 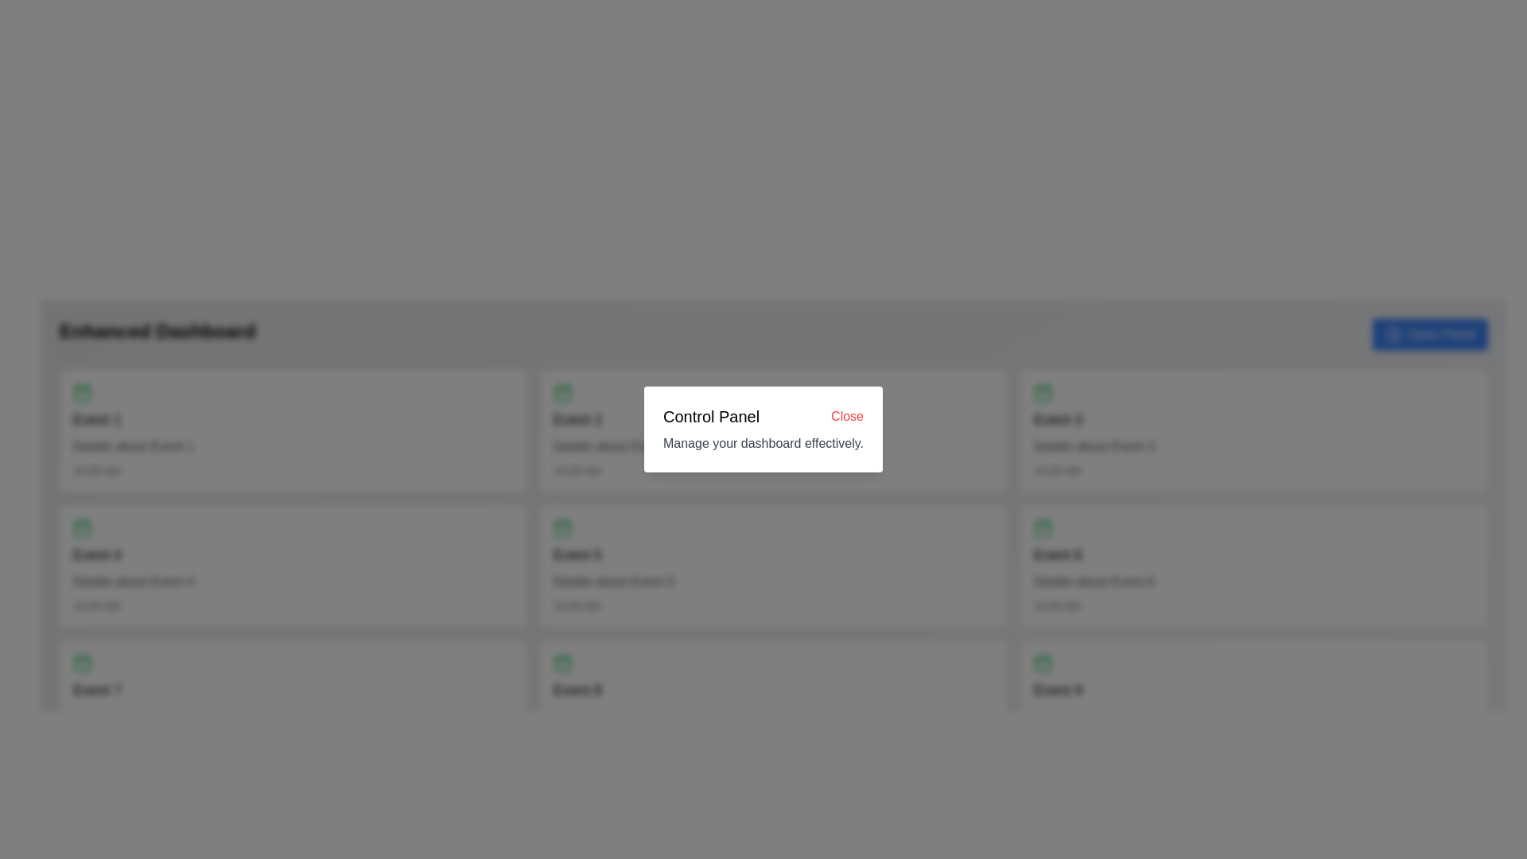 I want to click on the visual representation of the calendar icon with a green hue, located at the top-left corner of the 'Event 6' card, so click(x=1043, y=527).